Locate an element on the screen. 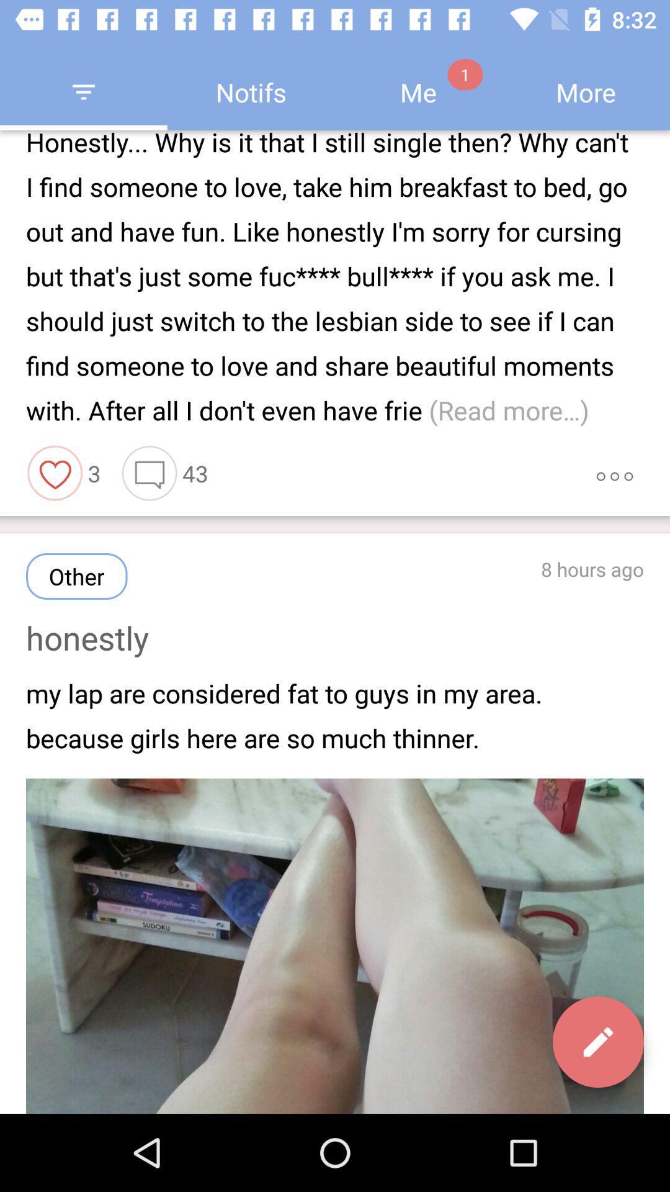  the item next to the 43 item is located at coordinates (614, 472).